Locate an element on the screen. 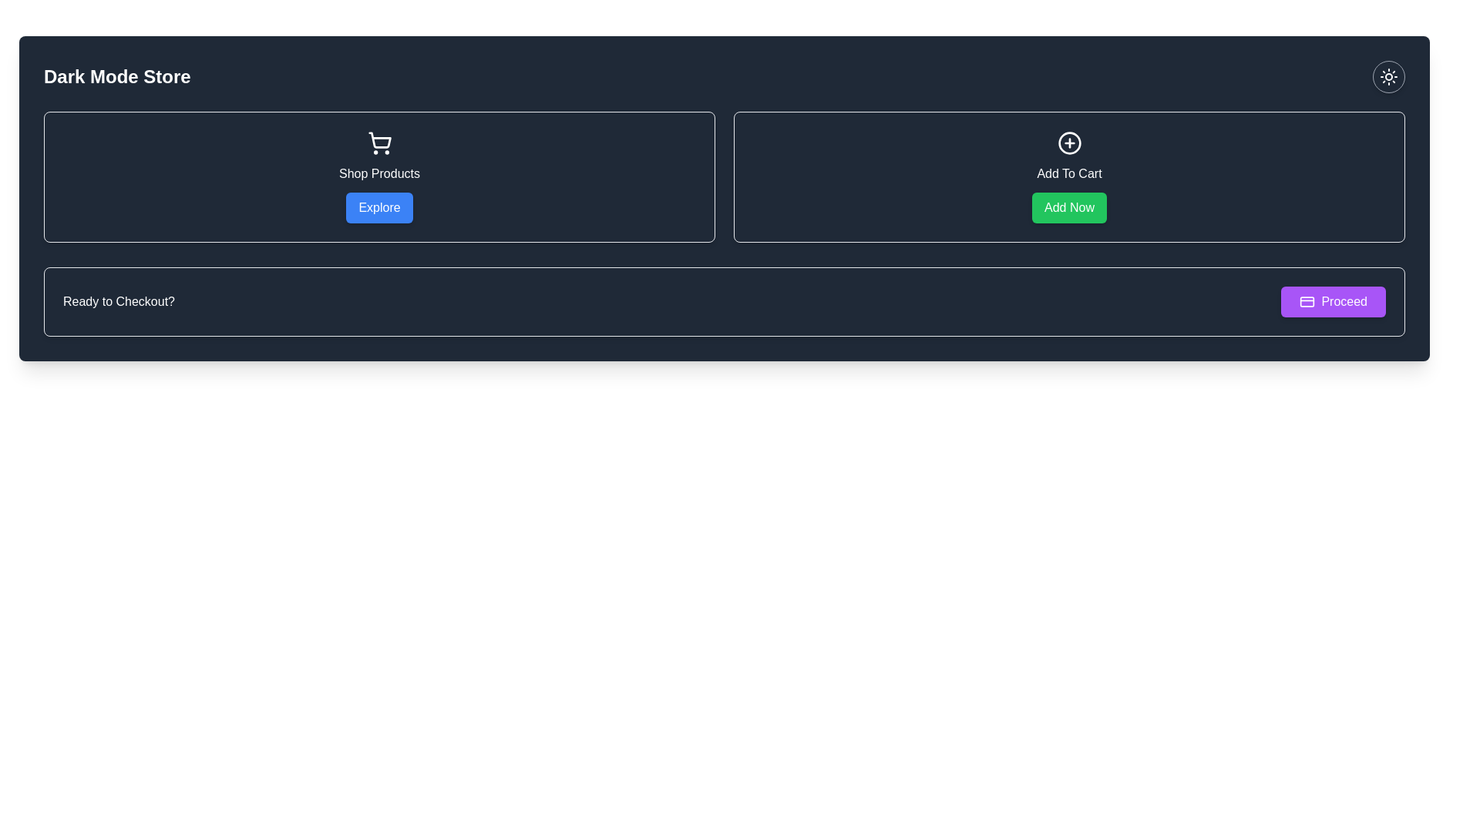  the circular button with a sun-like icon at the top right corner of the header bar is located at coordinates (1388, 77).